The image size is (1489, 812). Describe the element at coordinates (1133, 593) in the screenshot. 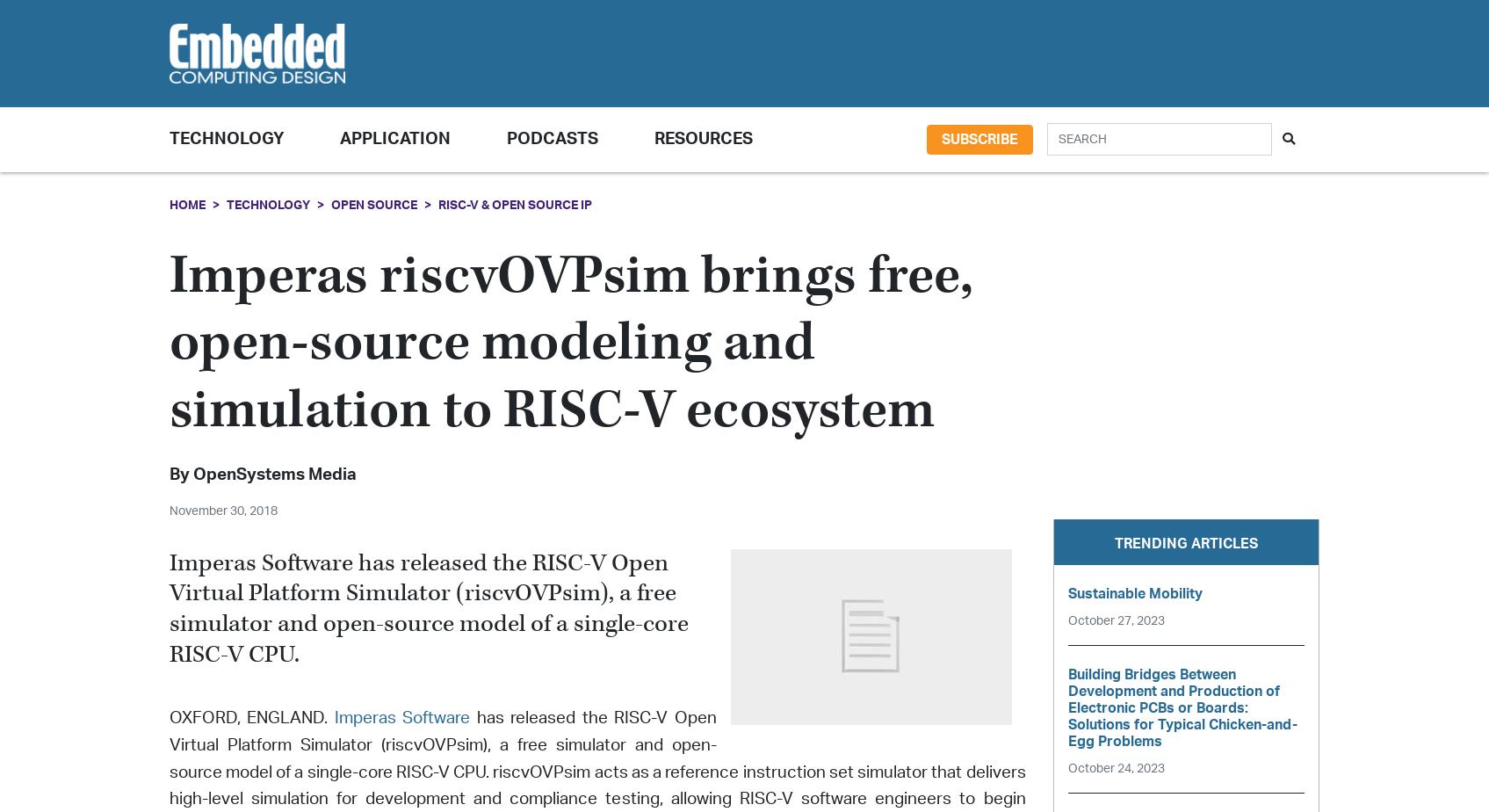

I see `'Sustainable Mobility'` at that location.